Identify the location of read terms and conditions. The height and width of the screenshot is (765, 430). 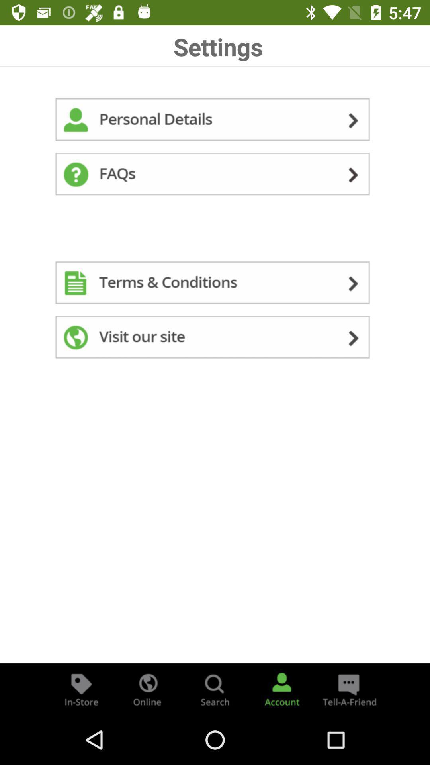
(215, 284).